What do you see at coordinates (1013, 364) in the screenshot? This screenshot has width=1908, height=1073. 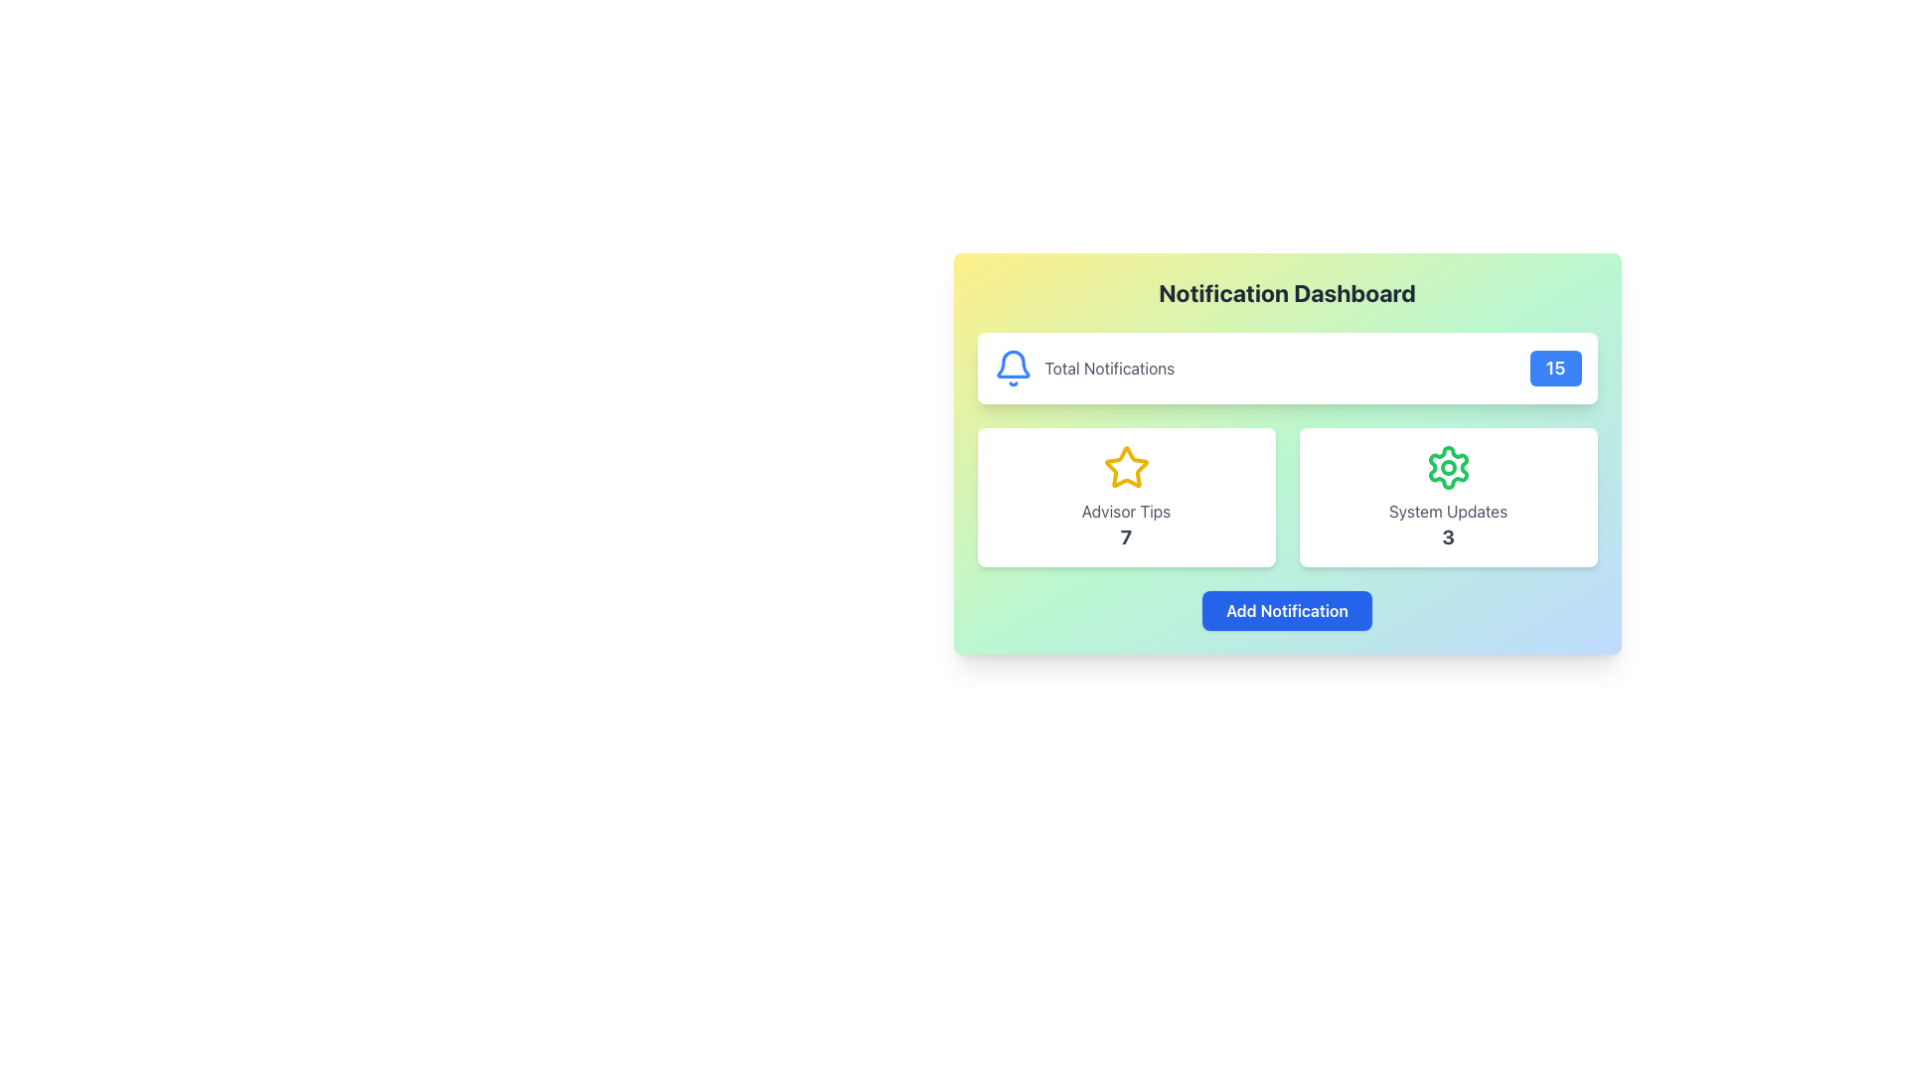 I see `the notification icon represented by a bell located on the left side of the 'Total Notifications' section header in the notification dashboard` at bounding box center [1013, 364].